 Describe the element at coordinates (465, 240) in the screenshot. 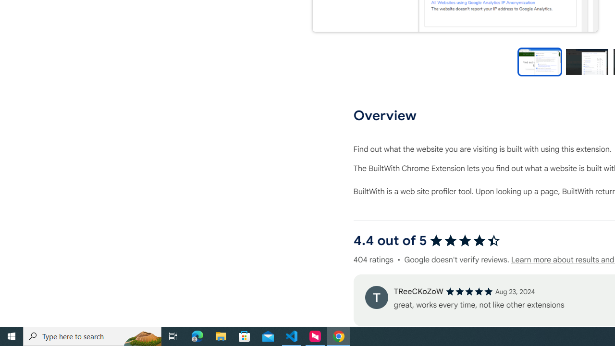

I see `'4.4 out of 5 stars'` at that location.